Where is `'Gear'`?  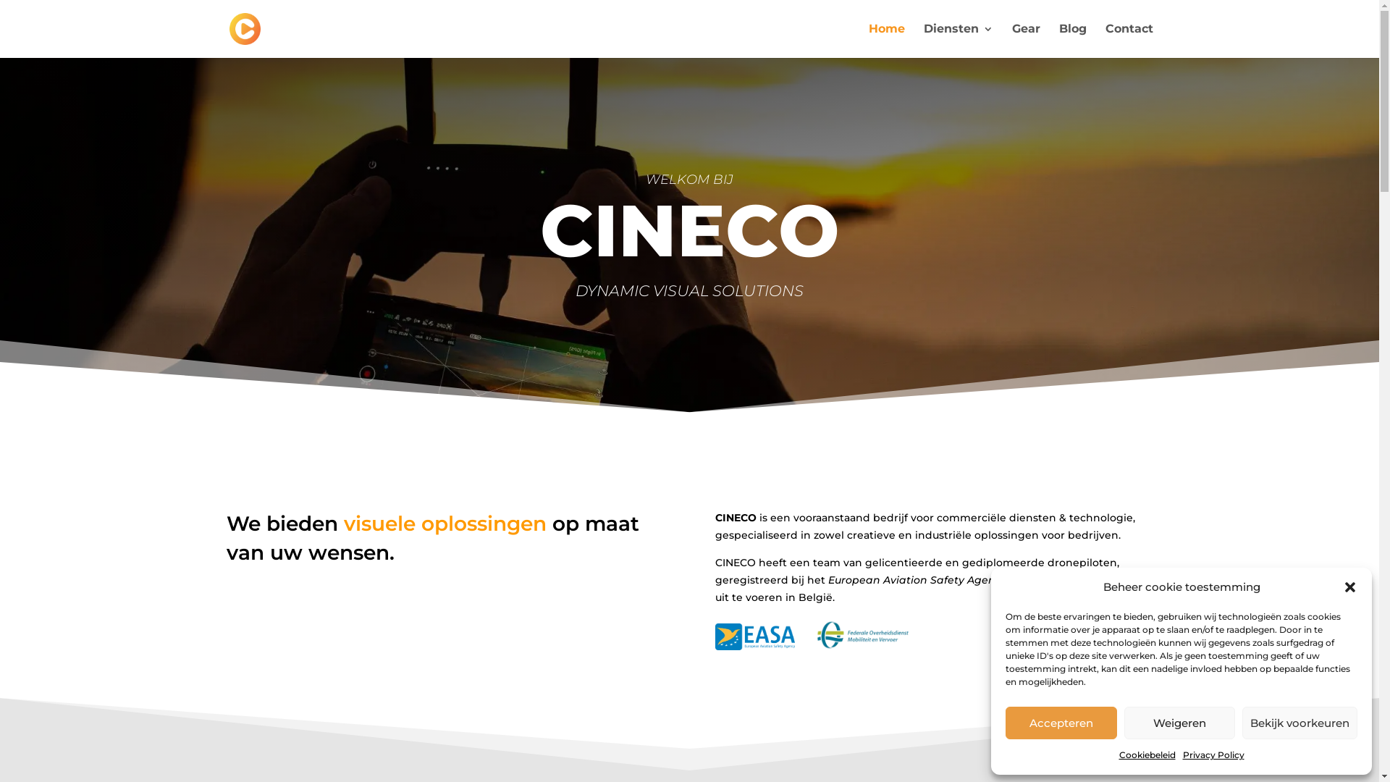 'Gear' is located at coordinates (1025, 40).